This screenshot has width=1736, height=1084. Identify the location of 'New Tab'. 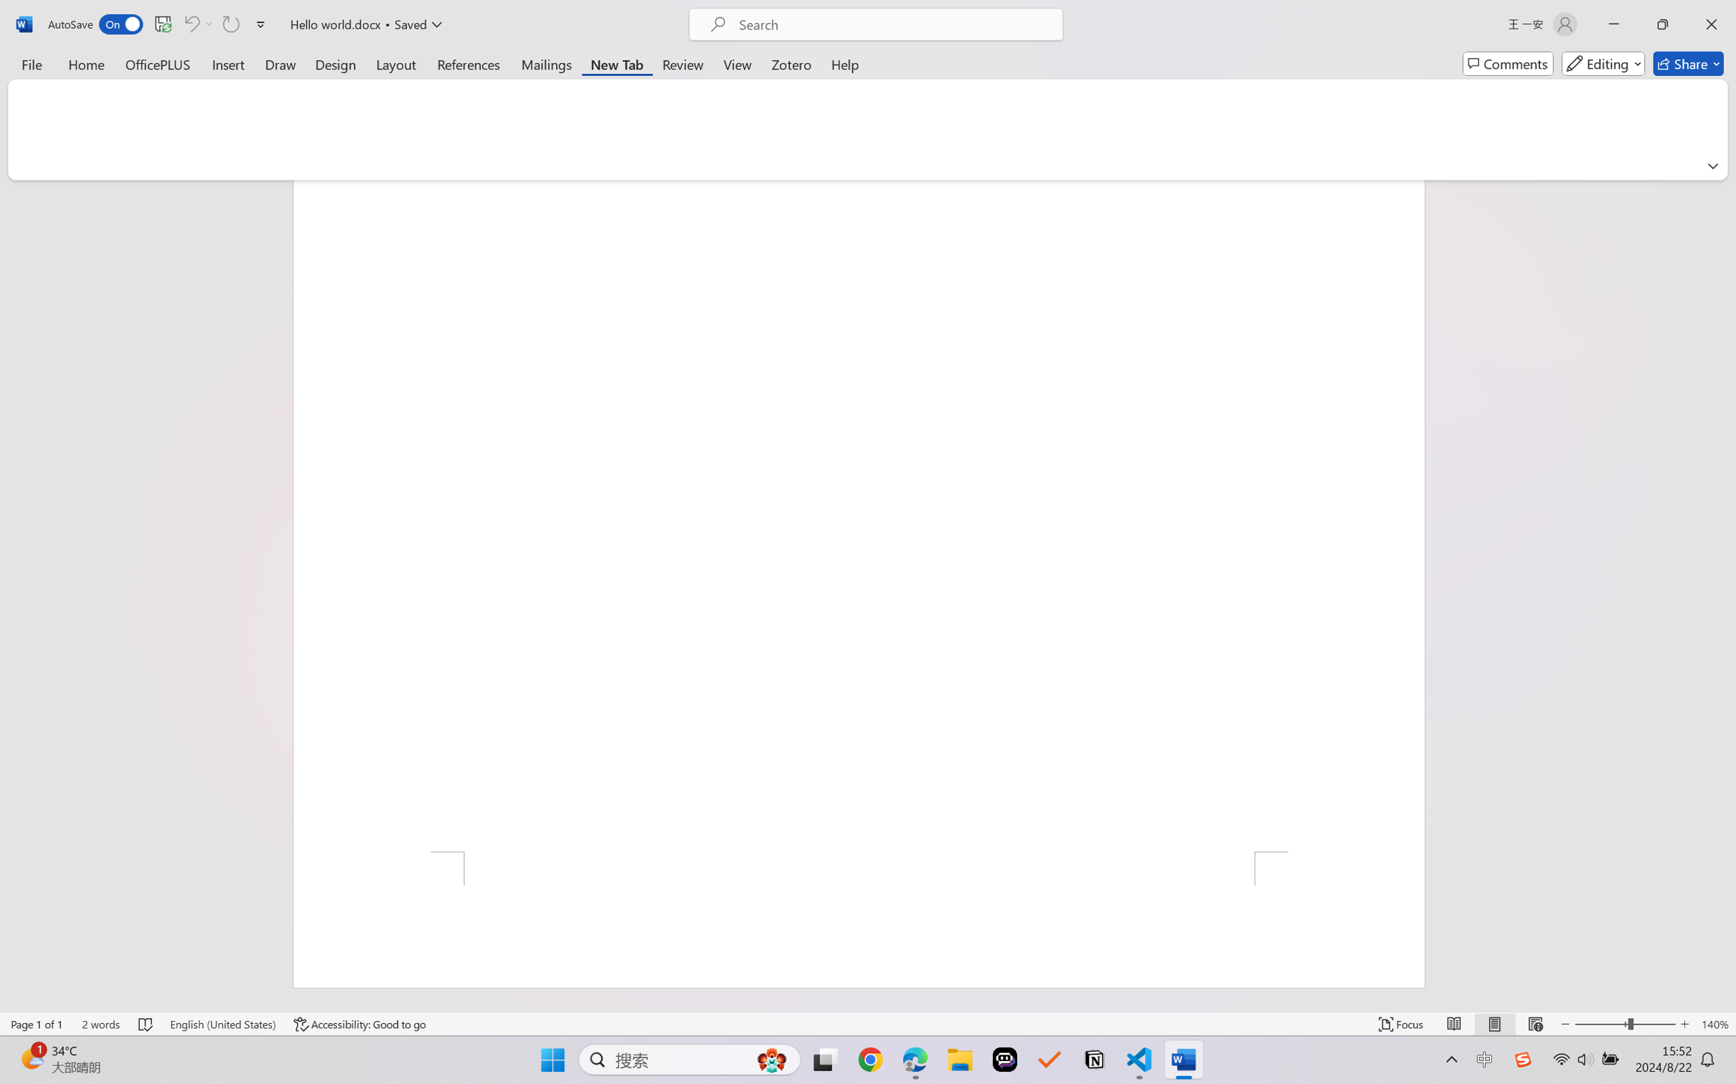
(616, 63).